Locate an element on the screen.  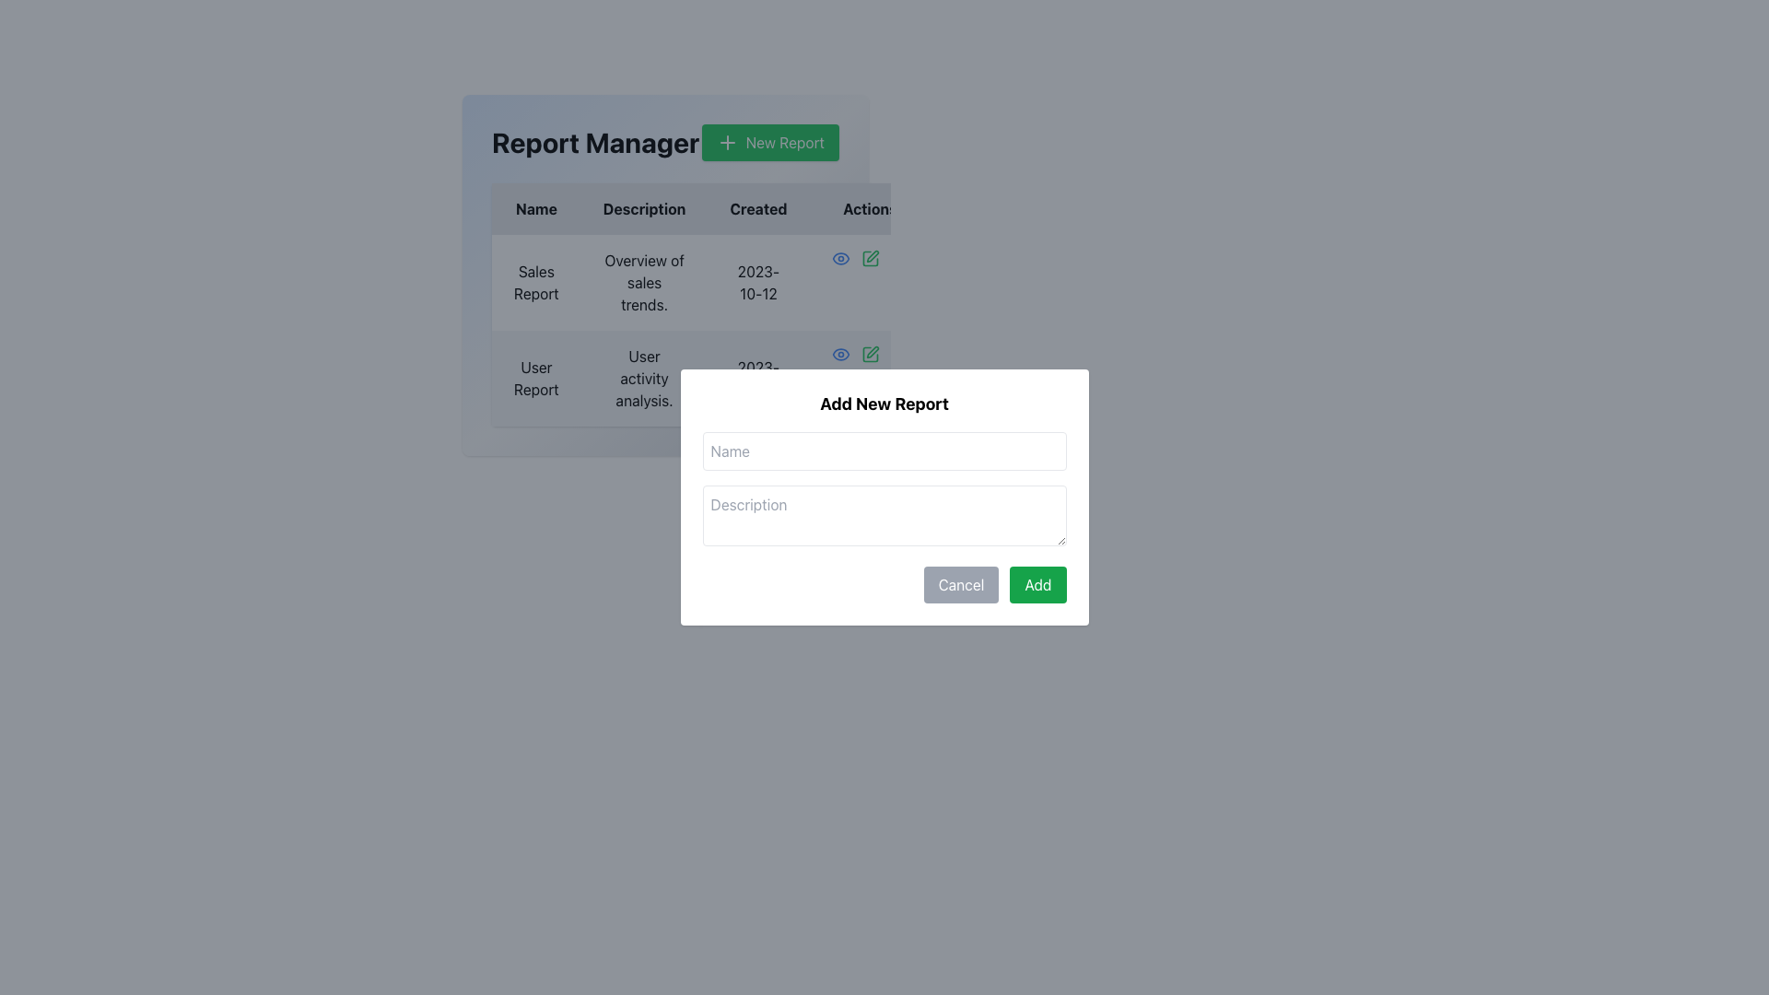
the green pen icon button located at the rightmost side of the 'Actions' column in the 'Report Manager' table is located at coordinates (869, 259).